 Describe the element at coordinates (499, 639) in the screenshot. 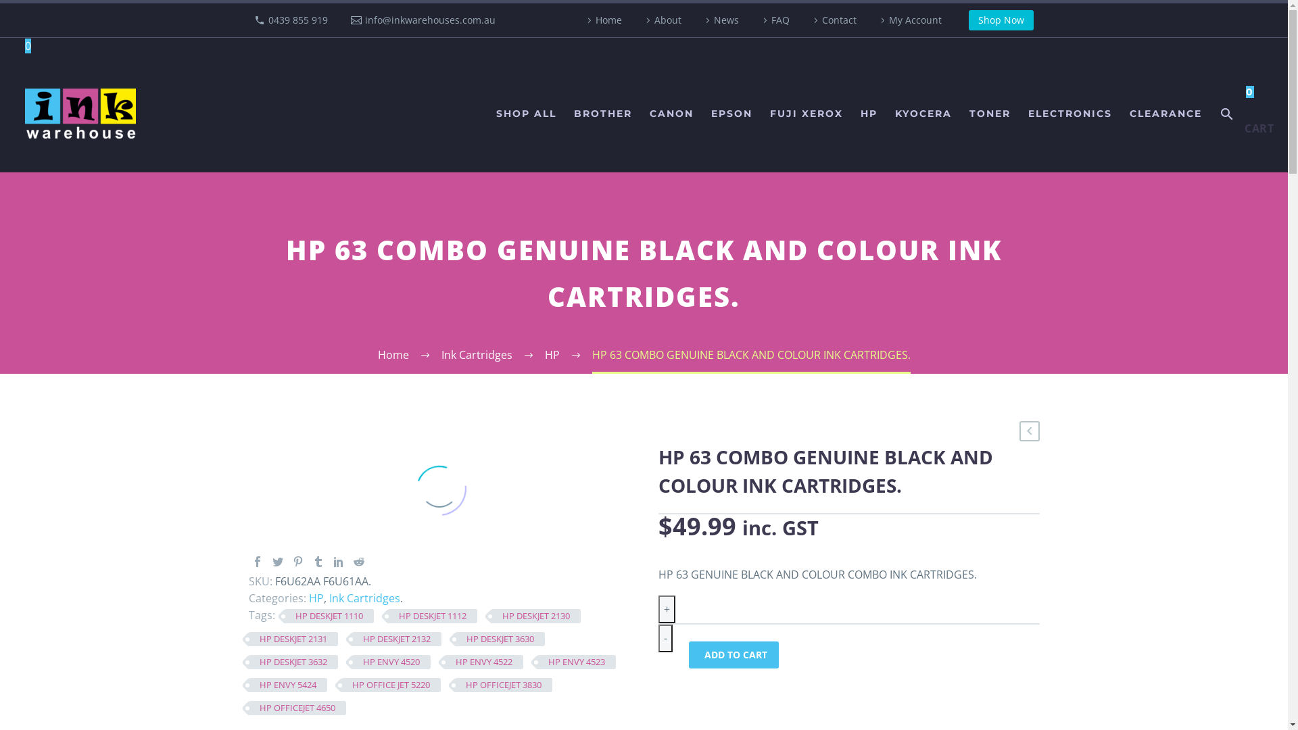

I see `'HP DESKJET 3630'` at that location.